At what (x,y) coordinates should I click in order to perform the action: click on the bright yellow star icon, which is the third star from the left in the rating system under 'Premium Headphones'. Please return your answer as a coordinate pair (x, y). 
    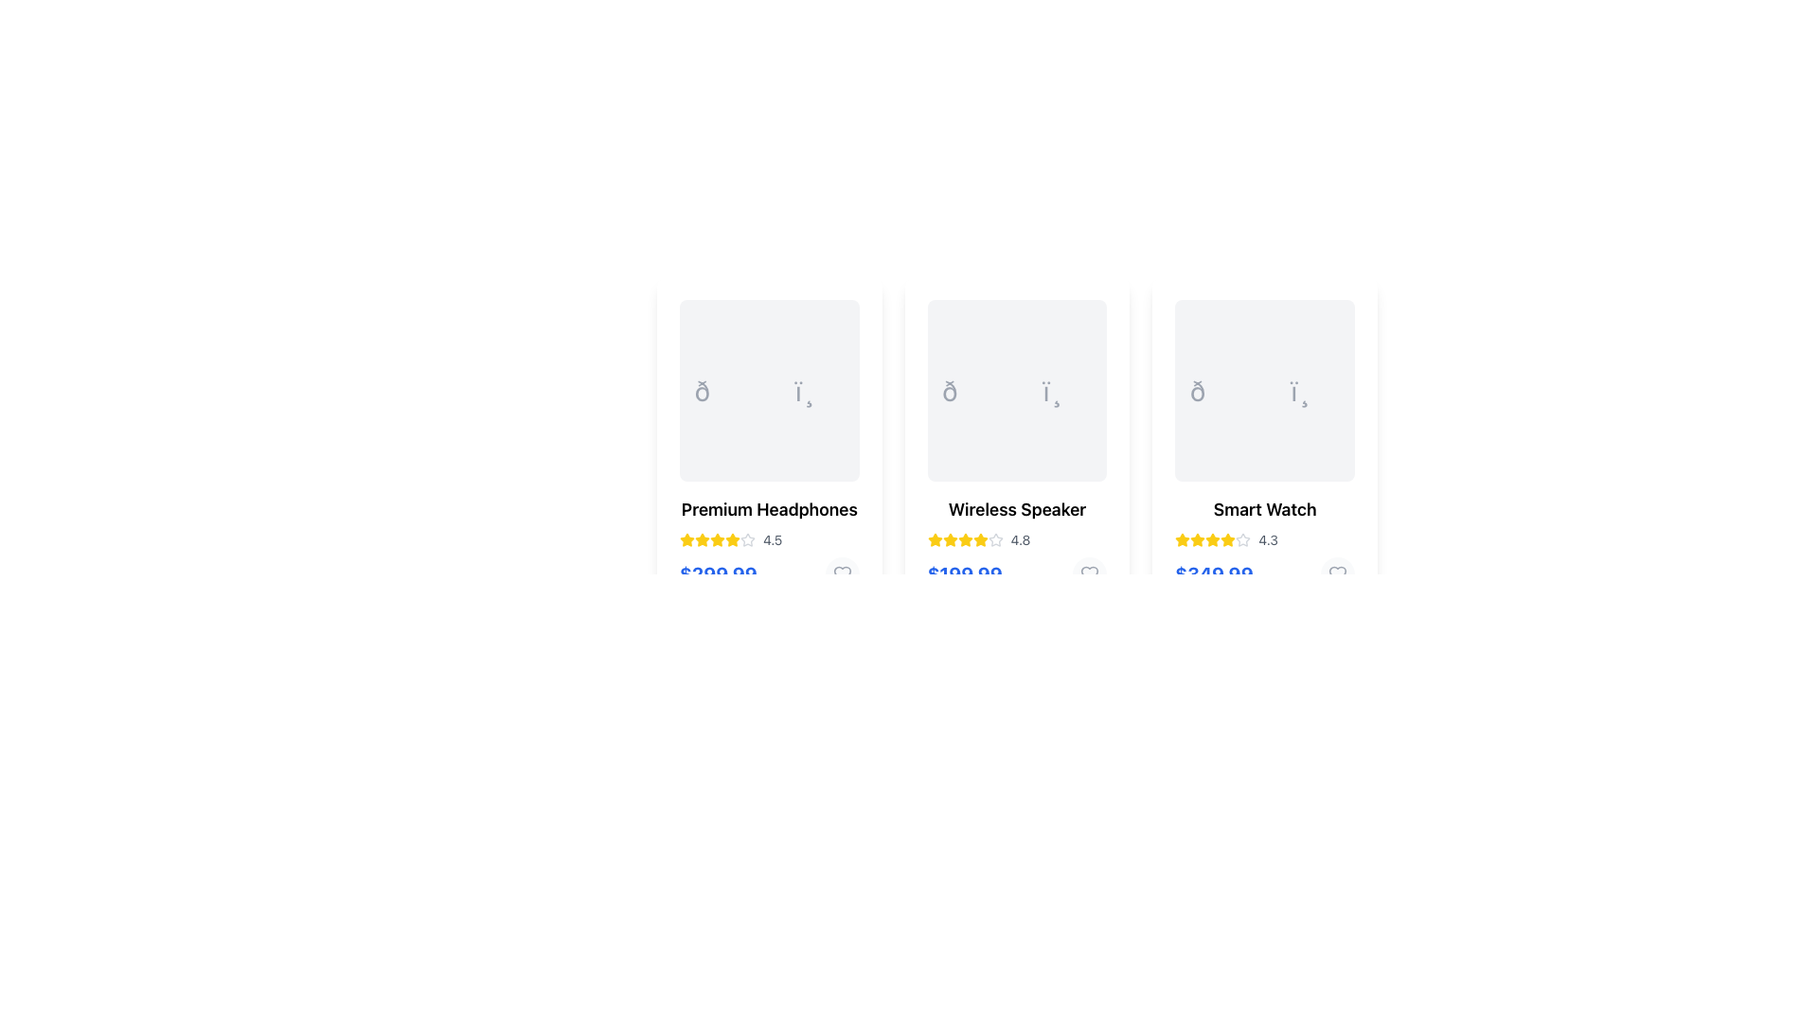
    Looking at the image, I should click on (702, 539).